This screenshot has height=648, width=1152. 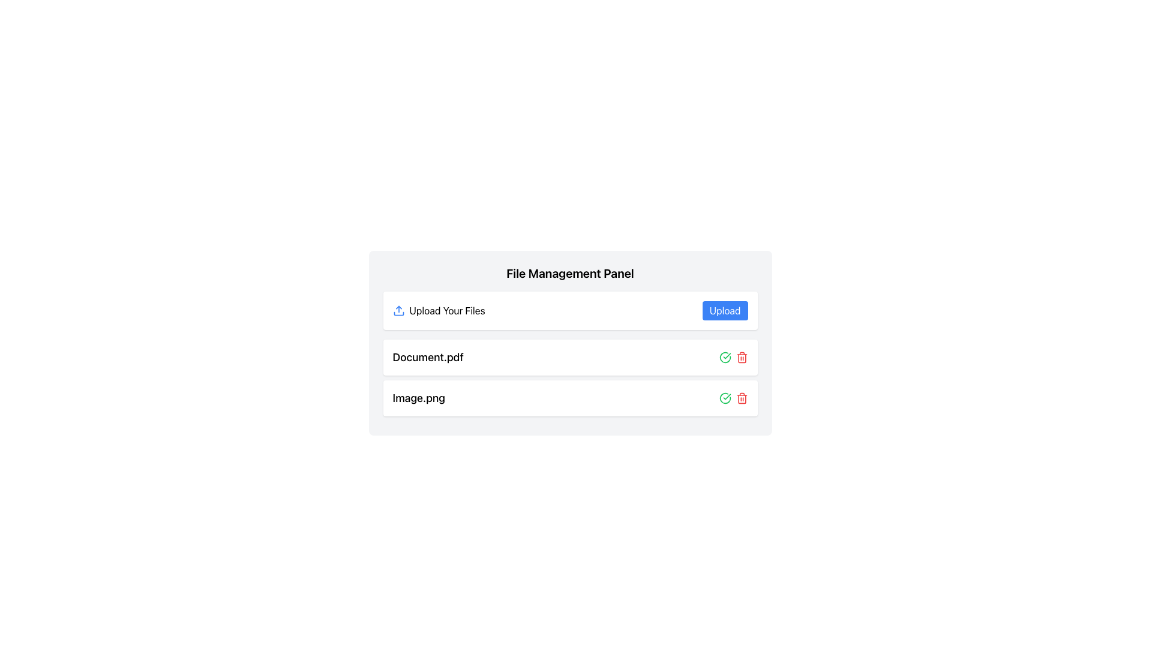 What do you see at coordinates (741, 398) in the screenshot?
I see `the red-colored trash bin icon located to the far-right of the row containing 'Image.png'` at bounding box center [741, 398].